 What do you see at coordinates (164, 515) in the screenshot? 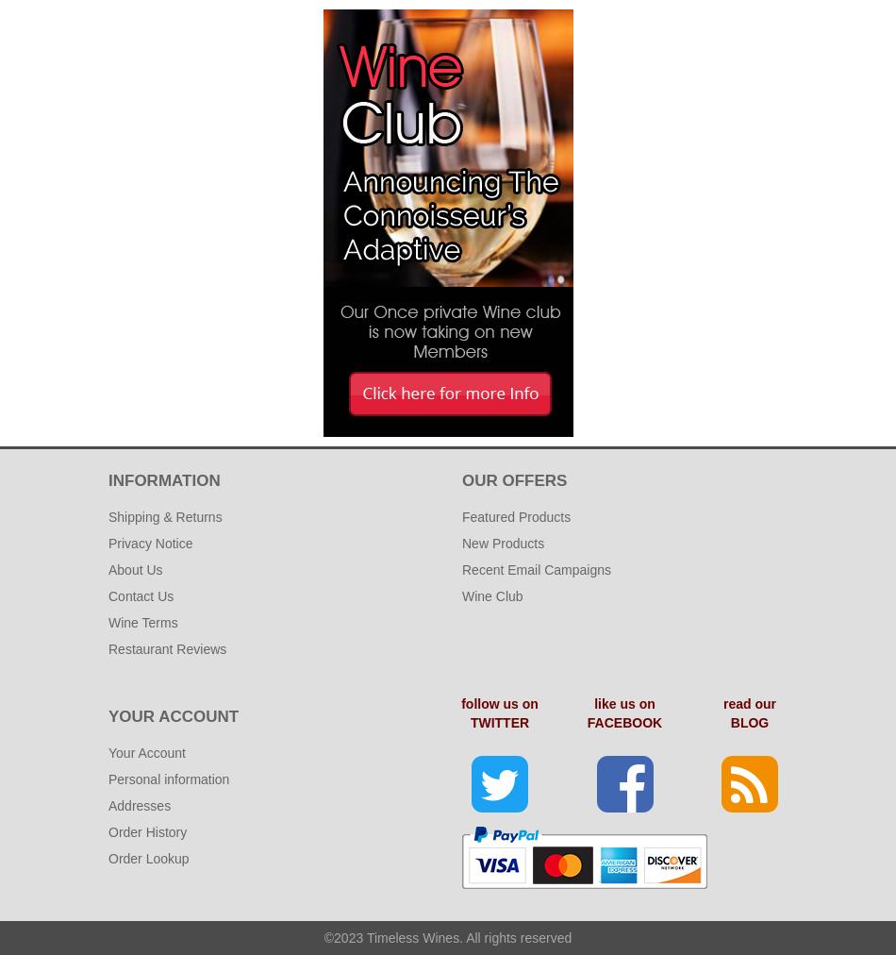
I see `'Shipping & Returns'` at bounding box center [164, 515].